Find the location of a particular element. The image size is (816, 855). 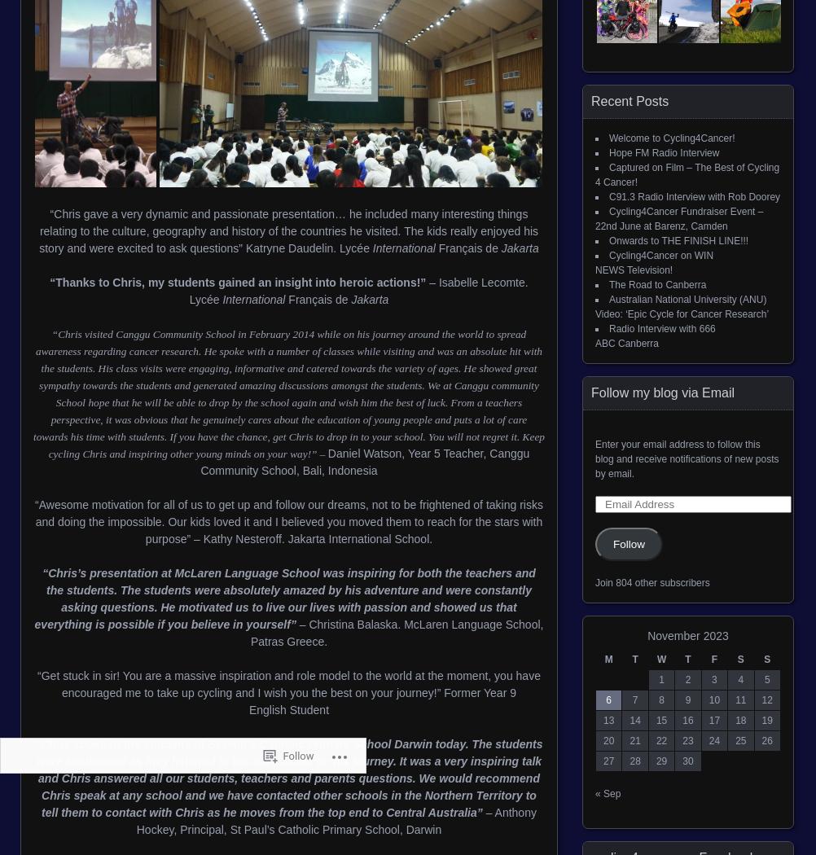

'25' is located at coordinates (740, 741).